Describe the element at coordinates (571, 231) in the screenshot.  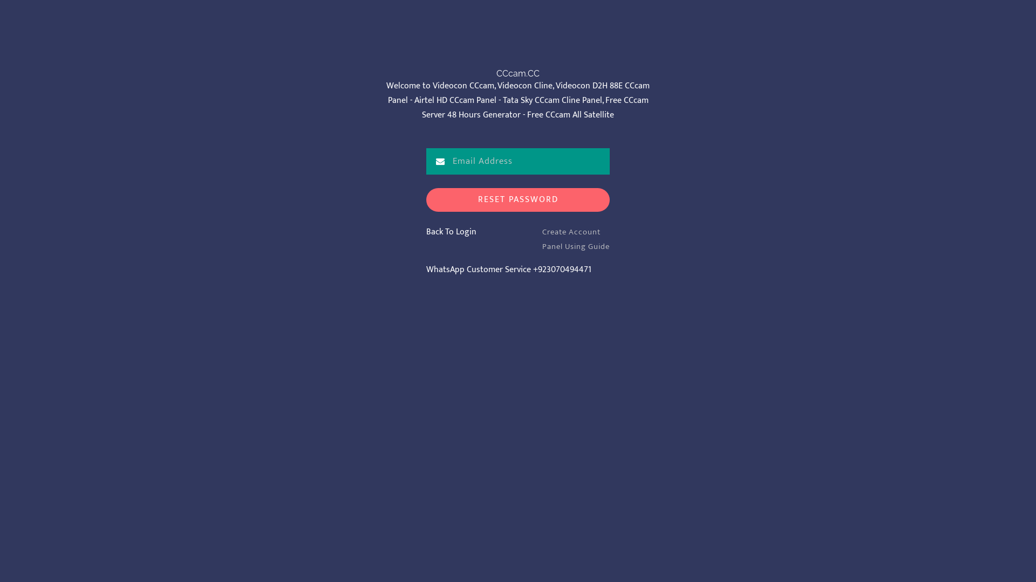
I see `'Create Account'` at that location.